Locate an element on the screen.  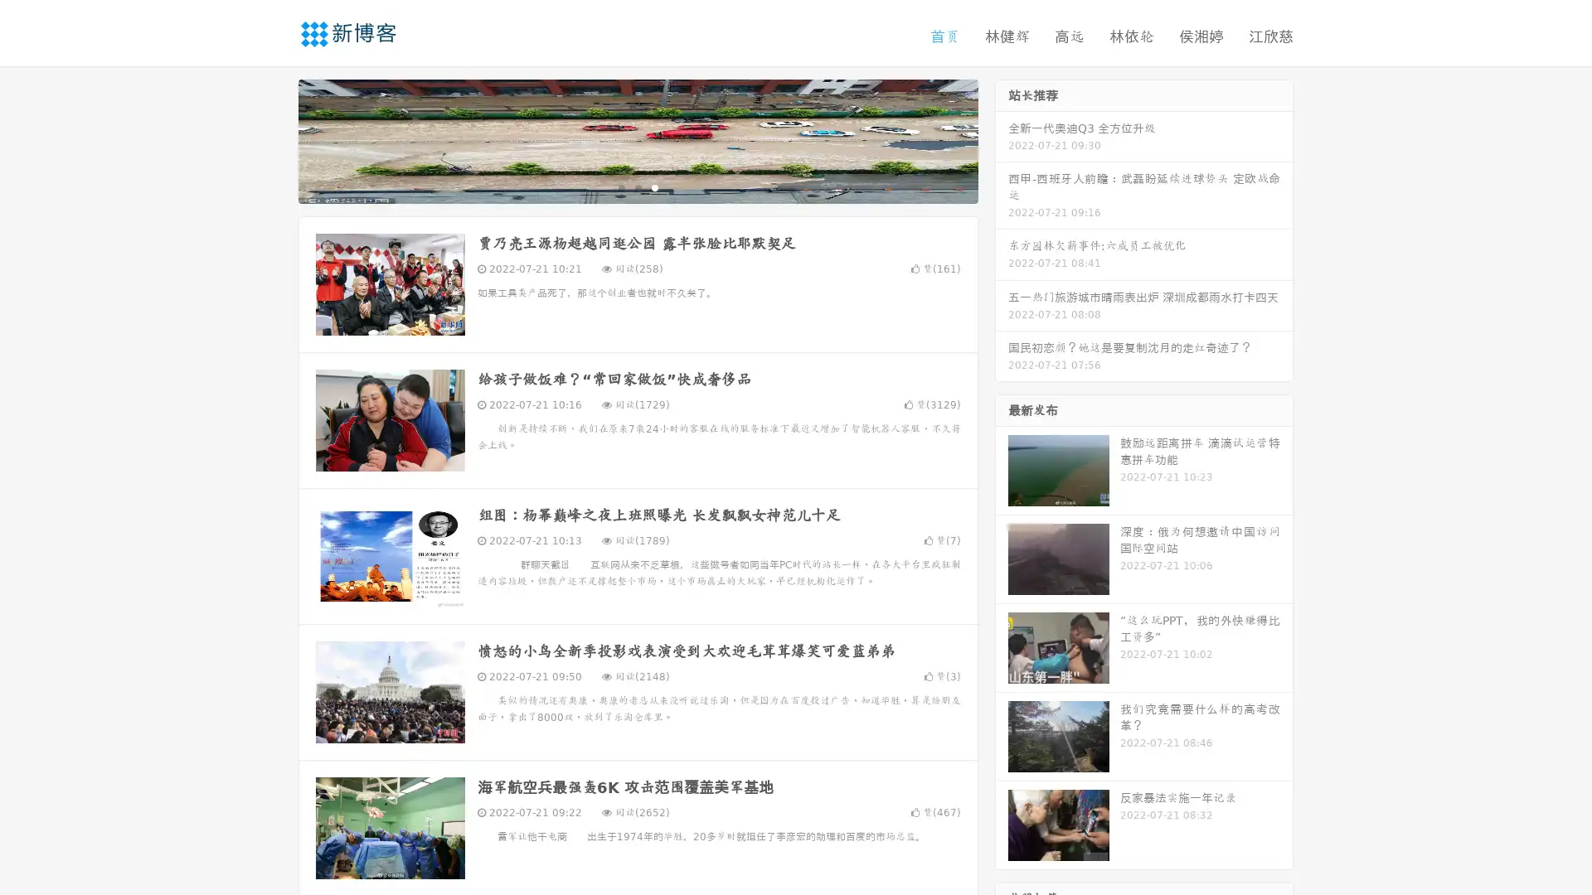
Go to slide 2 is located at coordinates (637, 186).